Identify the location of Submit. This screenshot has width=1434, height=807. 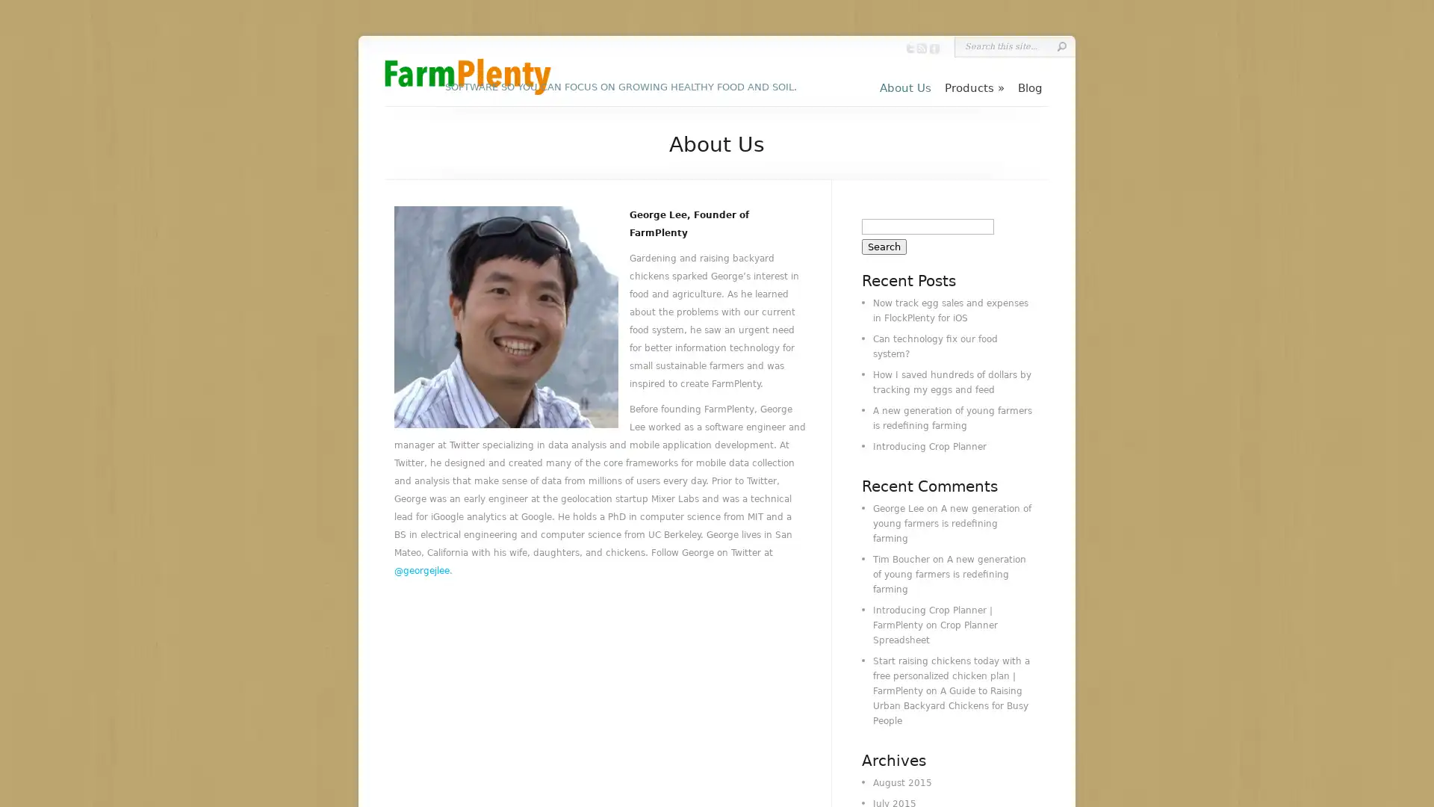
(1061, 46).